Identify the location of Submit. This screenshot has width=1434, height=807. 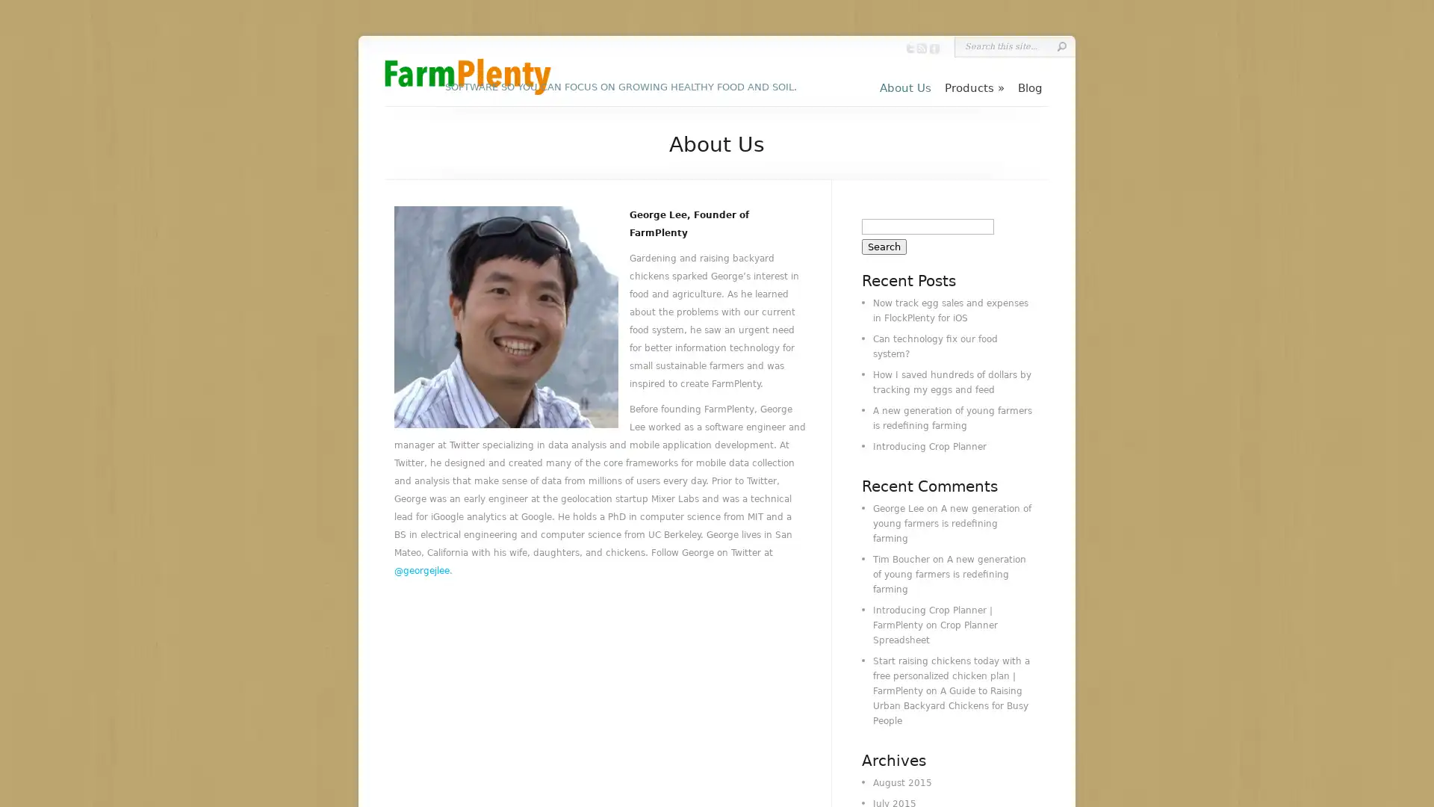
(1061, 46).